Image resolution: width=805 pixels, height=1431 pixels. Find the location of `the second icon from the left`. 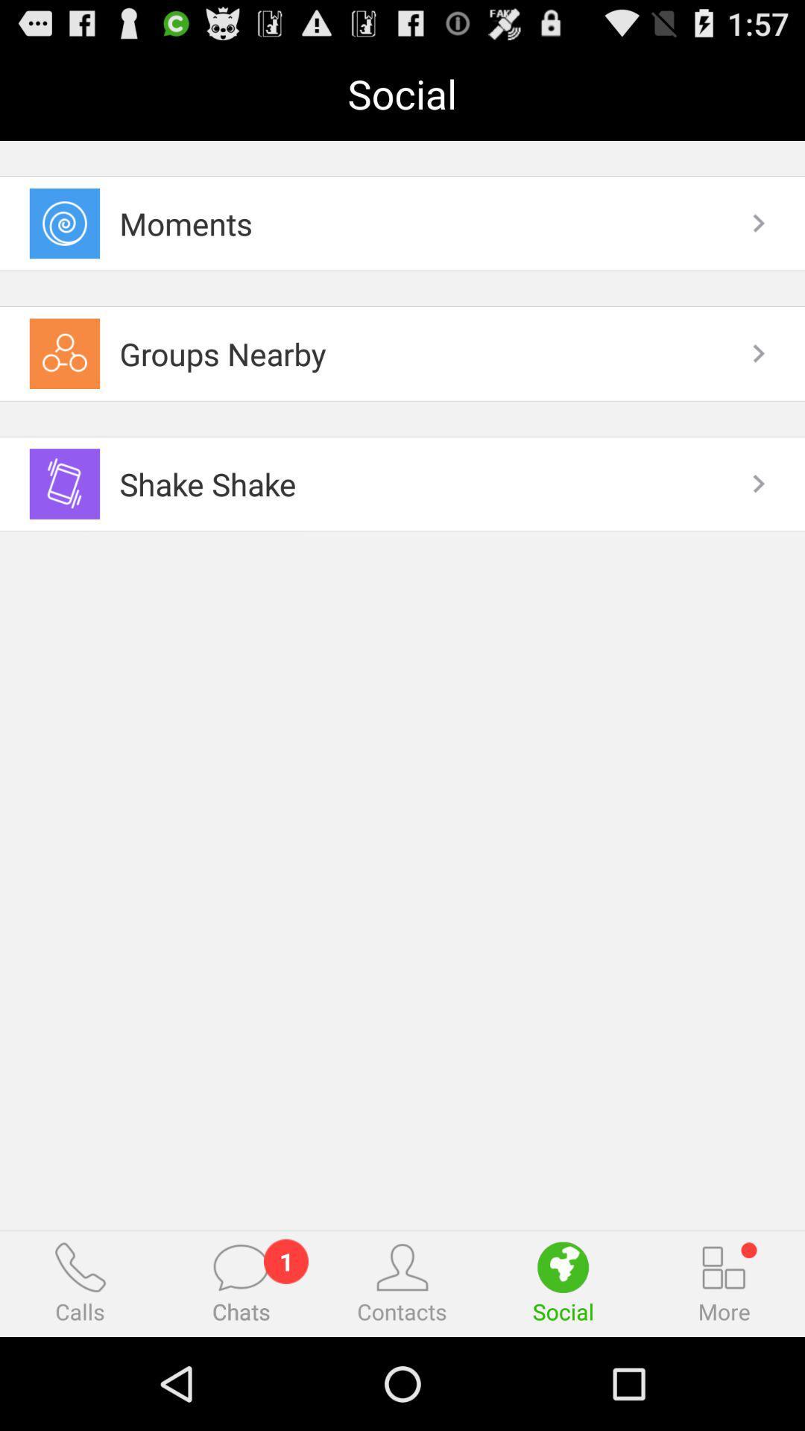

the second icon from the left is located at coordinates (240, 1266).